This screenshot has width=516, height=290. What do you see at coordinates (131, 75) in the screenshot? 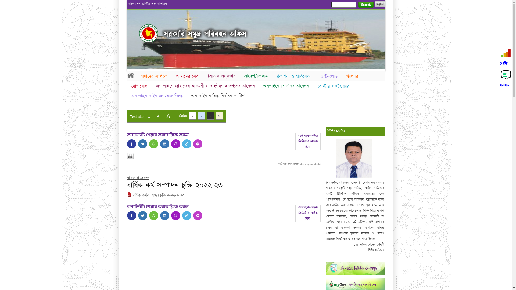
I see `'Home'` at bounding box center [131, 75].